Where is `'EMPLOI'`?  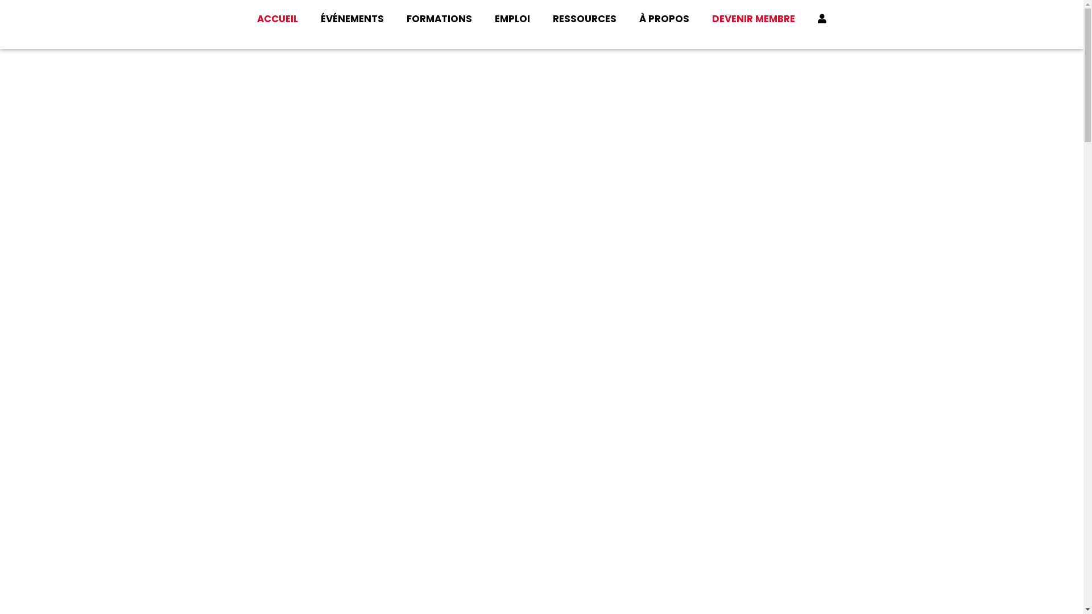 'EMPLOI' is located at coordinates (483, 19).